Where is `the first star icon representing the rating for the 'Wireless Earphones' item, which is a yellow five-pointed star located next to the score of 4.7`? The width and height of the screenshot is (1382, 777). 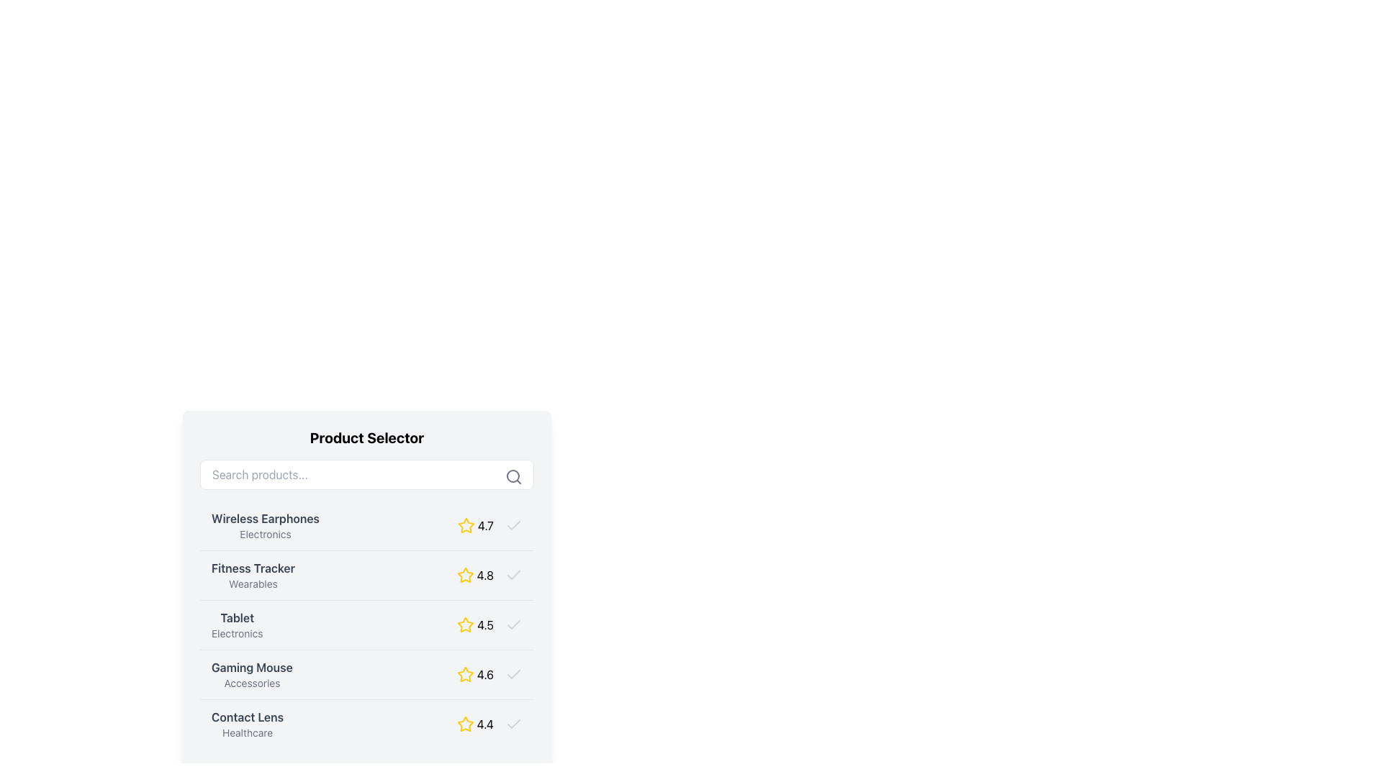 the first star icon representing the rating for the 'Wireless Earphones' item, which is a yellow five-pointed star located next to the score of 4.7 is located at coordinates (466, 525).